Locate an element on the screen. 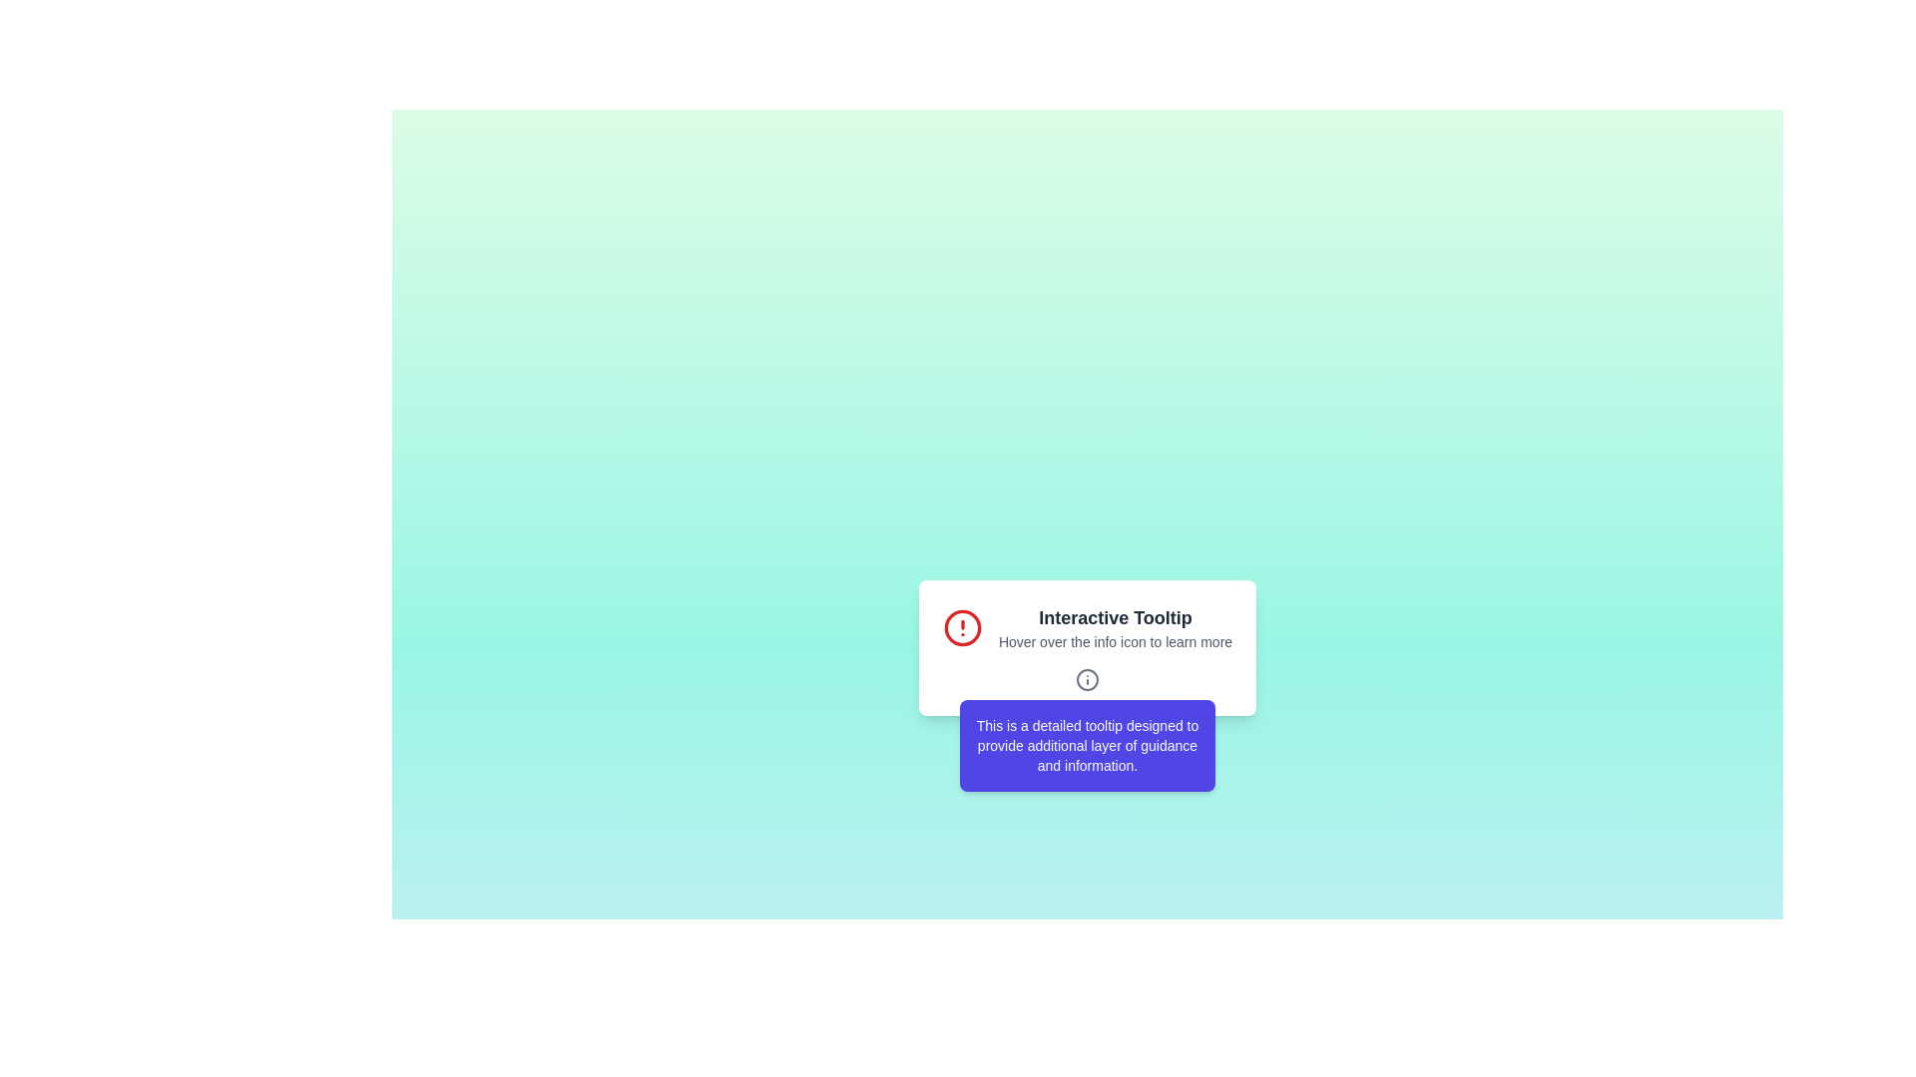 The image size is (1916, 1077). text content of the tooltip with a purple background and white text that provides additional guidance and information, located below the 'Interactive Tooltip' content box is located at coordinates (1086, 746).